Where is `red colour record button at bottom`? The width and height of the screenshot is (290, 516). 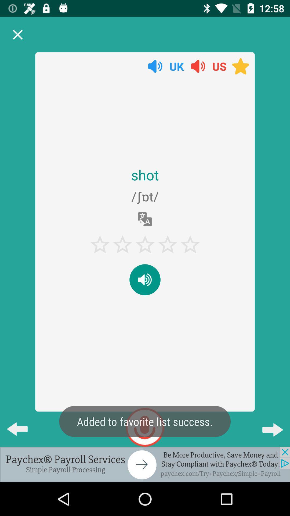 red colour record button at bottom is located at coordinates (145, 427).